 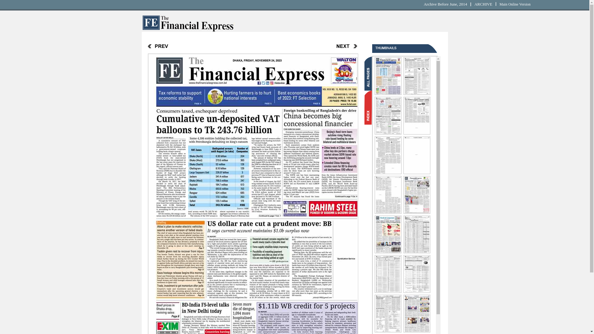 I want to click on 'The Financial Express ePaper', so click(x=188, y=30).